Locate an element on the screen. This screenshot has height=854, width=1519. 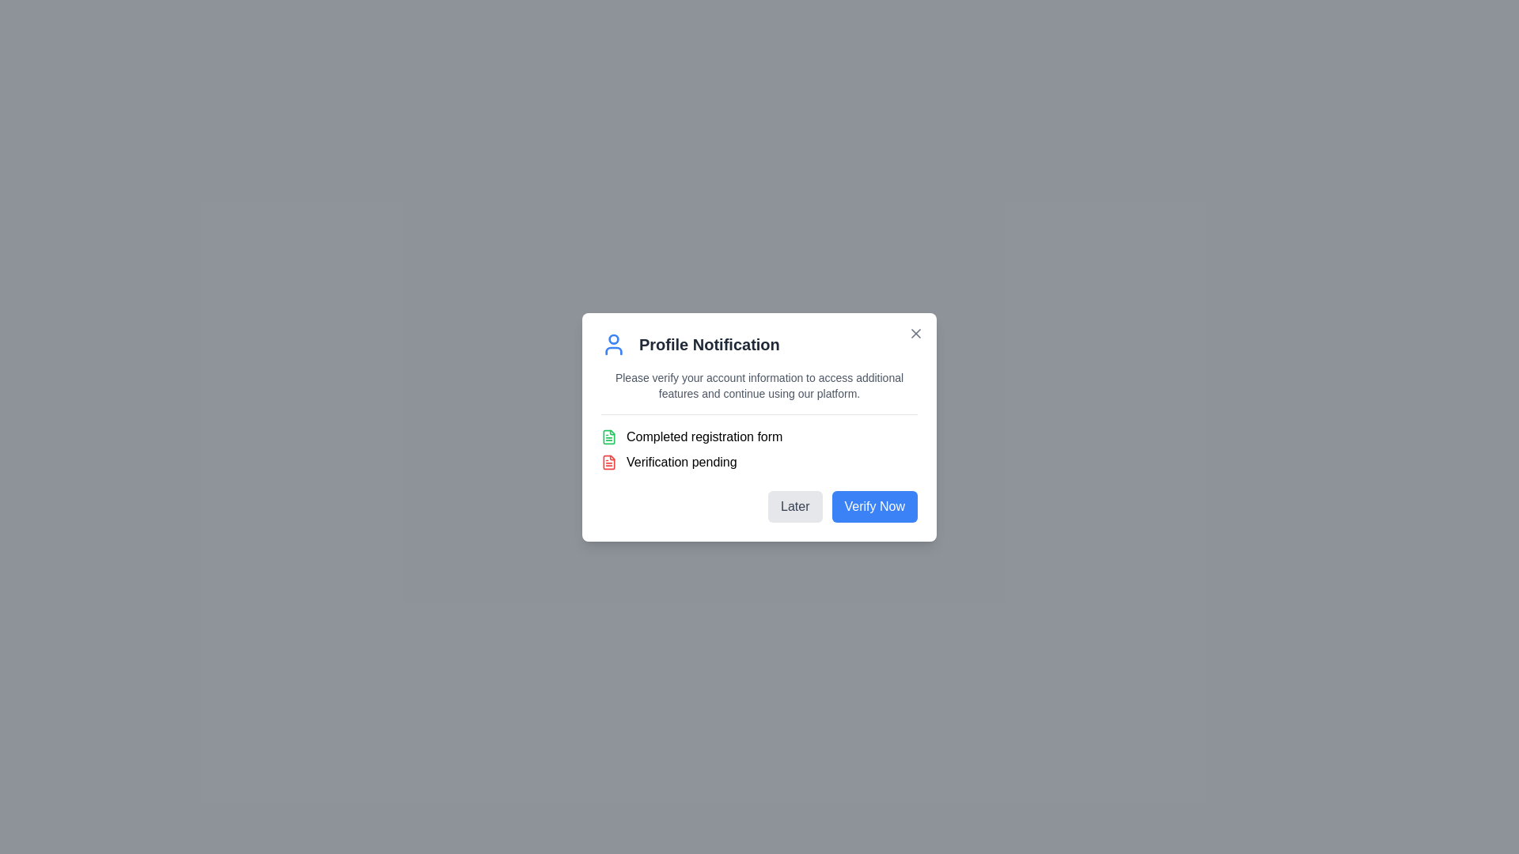
the instructional text located below the 'Profile Notification' title in the dialog box, which is styled with a smaller font size and gray coloration is located at coordinates (759, 385).